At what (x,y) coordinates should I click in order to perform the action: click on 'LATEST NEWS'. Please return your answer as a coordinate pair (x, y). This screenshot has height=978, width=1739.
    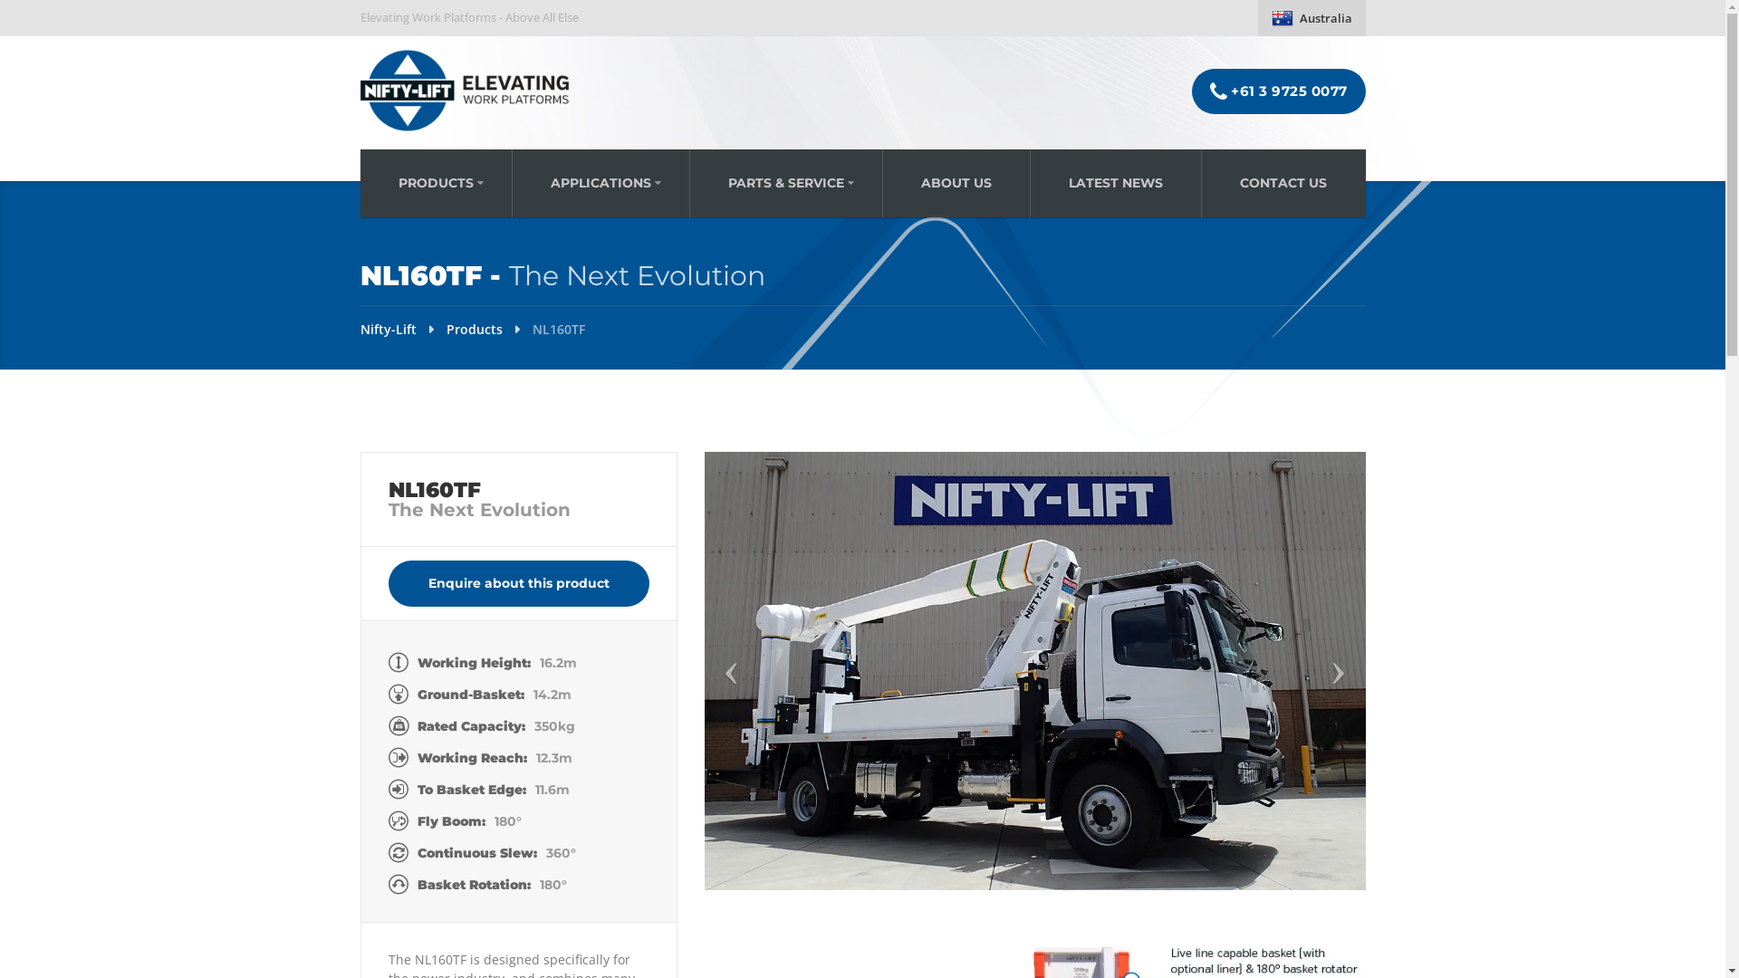
    Looking at the image, I should click on (1115, 183).